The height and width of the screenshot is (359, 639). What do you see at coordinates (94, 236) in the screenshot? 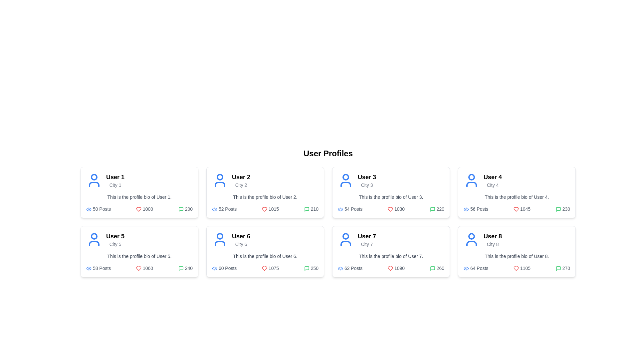
I see `the blue circular head icon of the user illustration for 'User 5' located in the second row, first column of the profile card` at bounding box center [94, 236].